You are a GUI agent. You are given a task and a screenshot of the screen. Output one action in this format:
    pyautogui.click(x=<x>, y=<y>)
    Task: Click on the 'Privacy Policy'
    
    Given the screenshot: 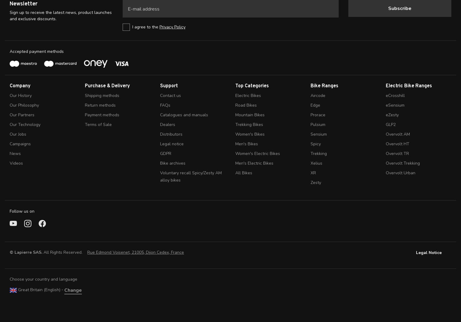 What is the action you would take?
    pyautogui.click(x=172, y=27)
    